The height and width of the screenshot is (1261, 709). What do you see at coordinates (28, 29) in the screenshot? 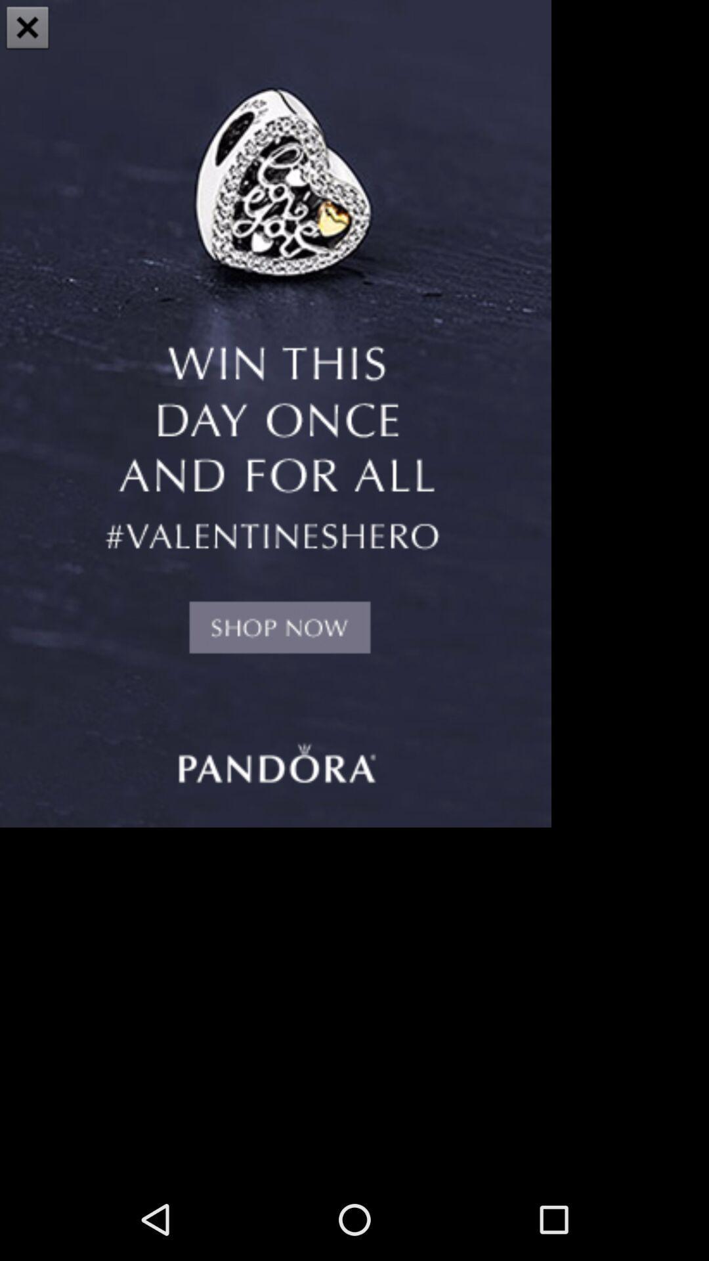
I see `the close icon` at bounding box center [28, 29].